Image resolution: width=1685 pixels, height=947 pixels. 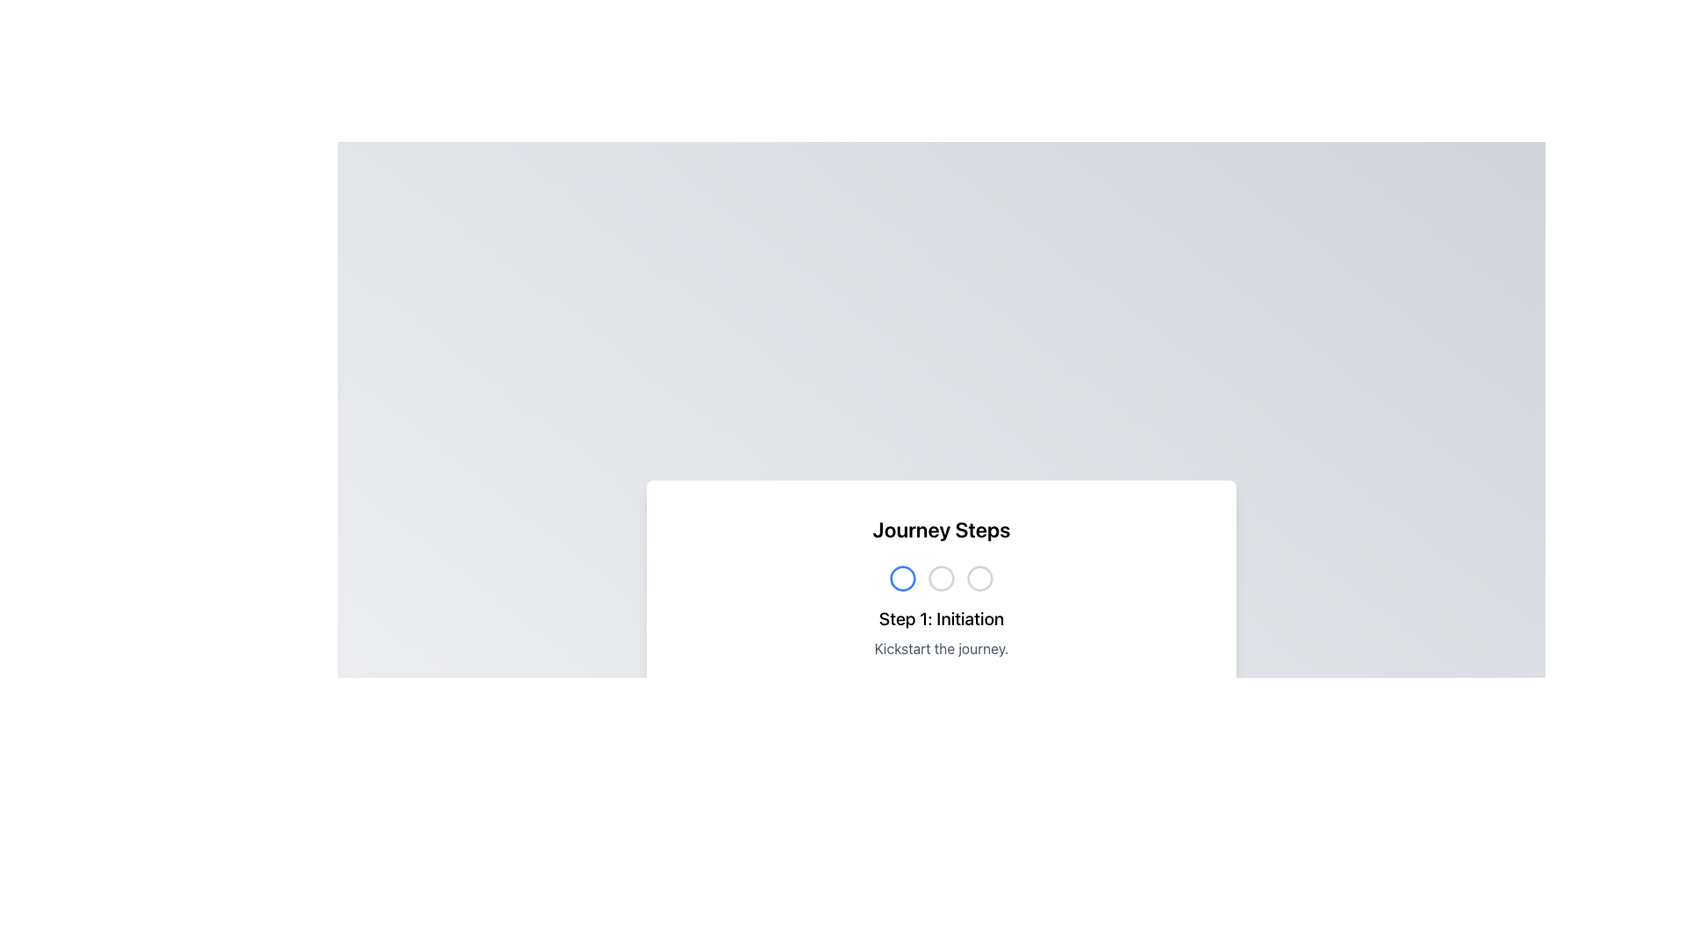 What do you see at coordinates (902, 578) in the screenshot?
I see `the Circular step indicator icon, which is the first in a sequence of three circular icons aligned horizontally under the title 'Journey Steps' and adjacent to 'Step 1: Initiation'` at bounding box center [902, 578].